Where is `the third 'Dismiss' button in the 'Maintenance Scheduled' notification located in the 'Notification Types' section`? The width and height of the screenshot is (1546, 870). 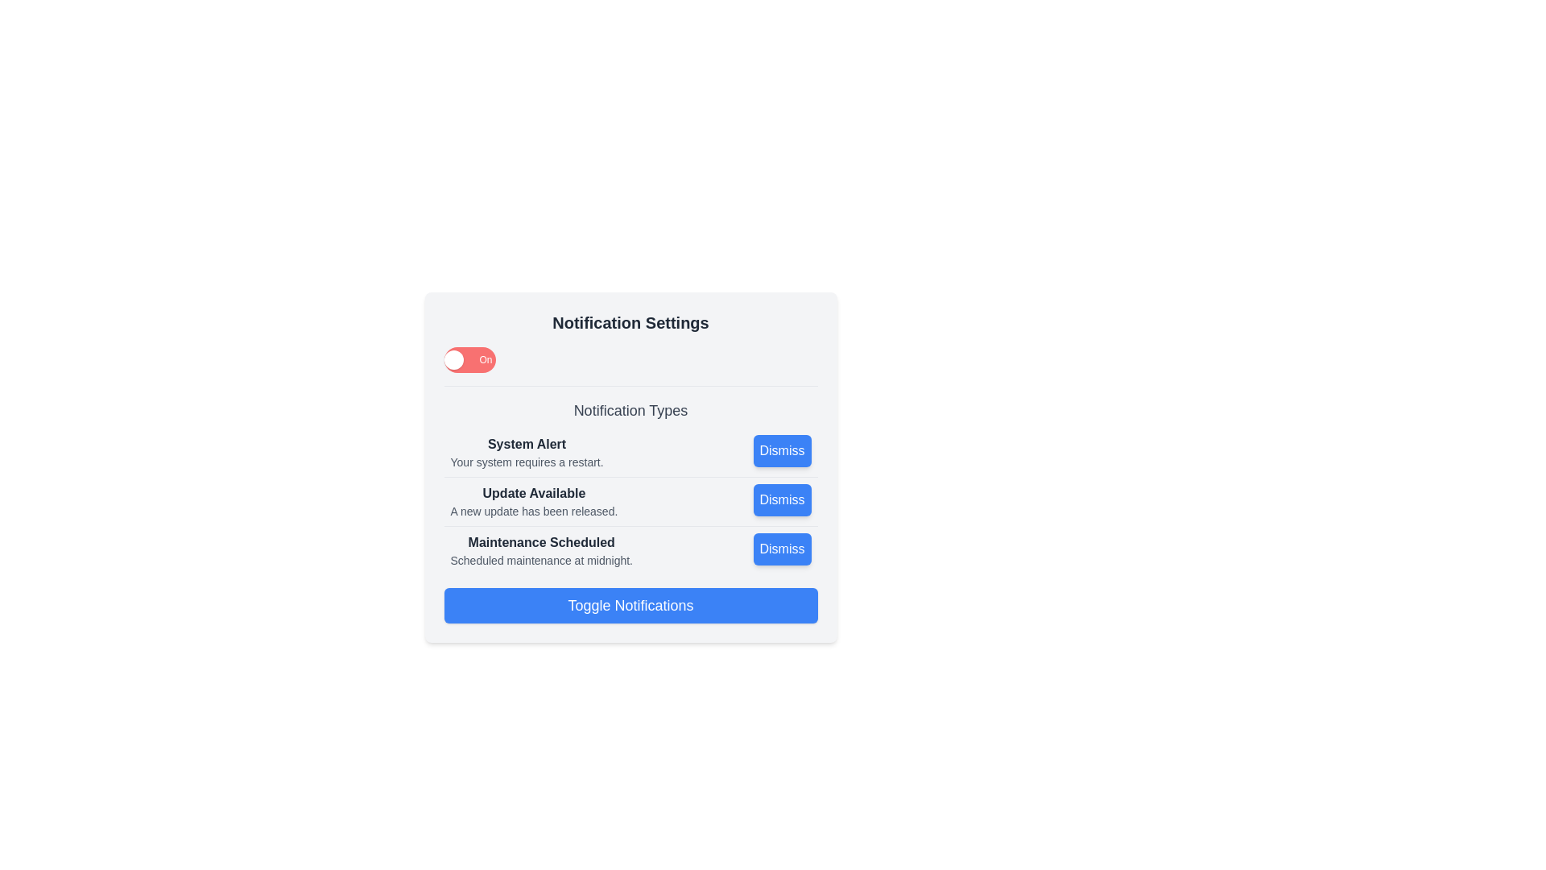
the third 'Dismiss' button in the 'Maintenance Scheduled' notification located in the 'Notification Types' section is located at coordinates (782, 549).